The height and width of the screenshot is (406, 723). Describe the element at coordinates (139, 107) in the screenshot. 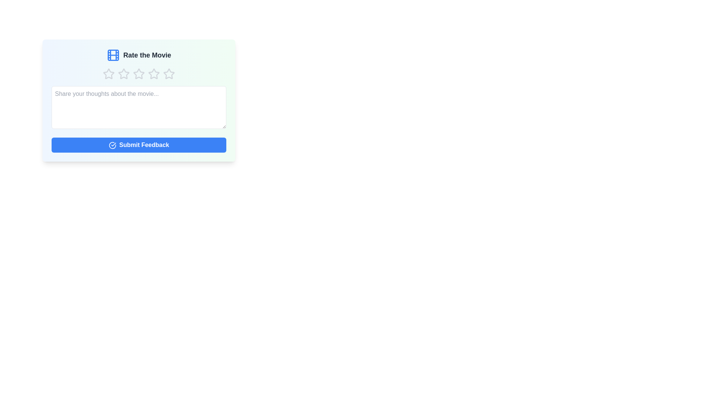

I see `the text area and type the review text` at that location.